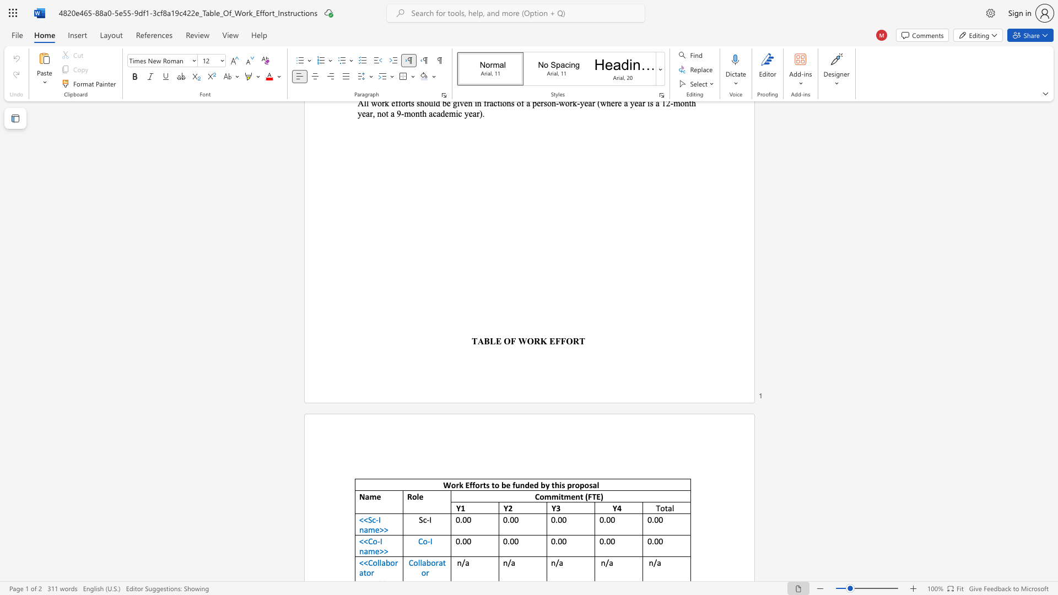 This screenshot has width=1058, height=595. What do you see at coordinates (515, 484) in the screenshot?
I see `the space between the continuous character "f" and "u" in the text` at bounding box center [515, 484].